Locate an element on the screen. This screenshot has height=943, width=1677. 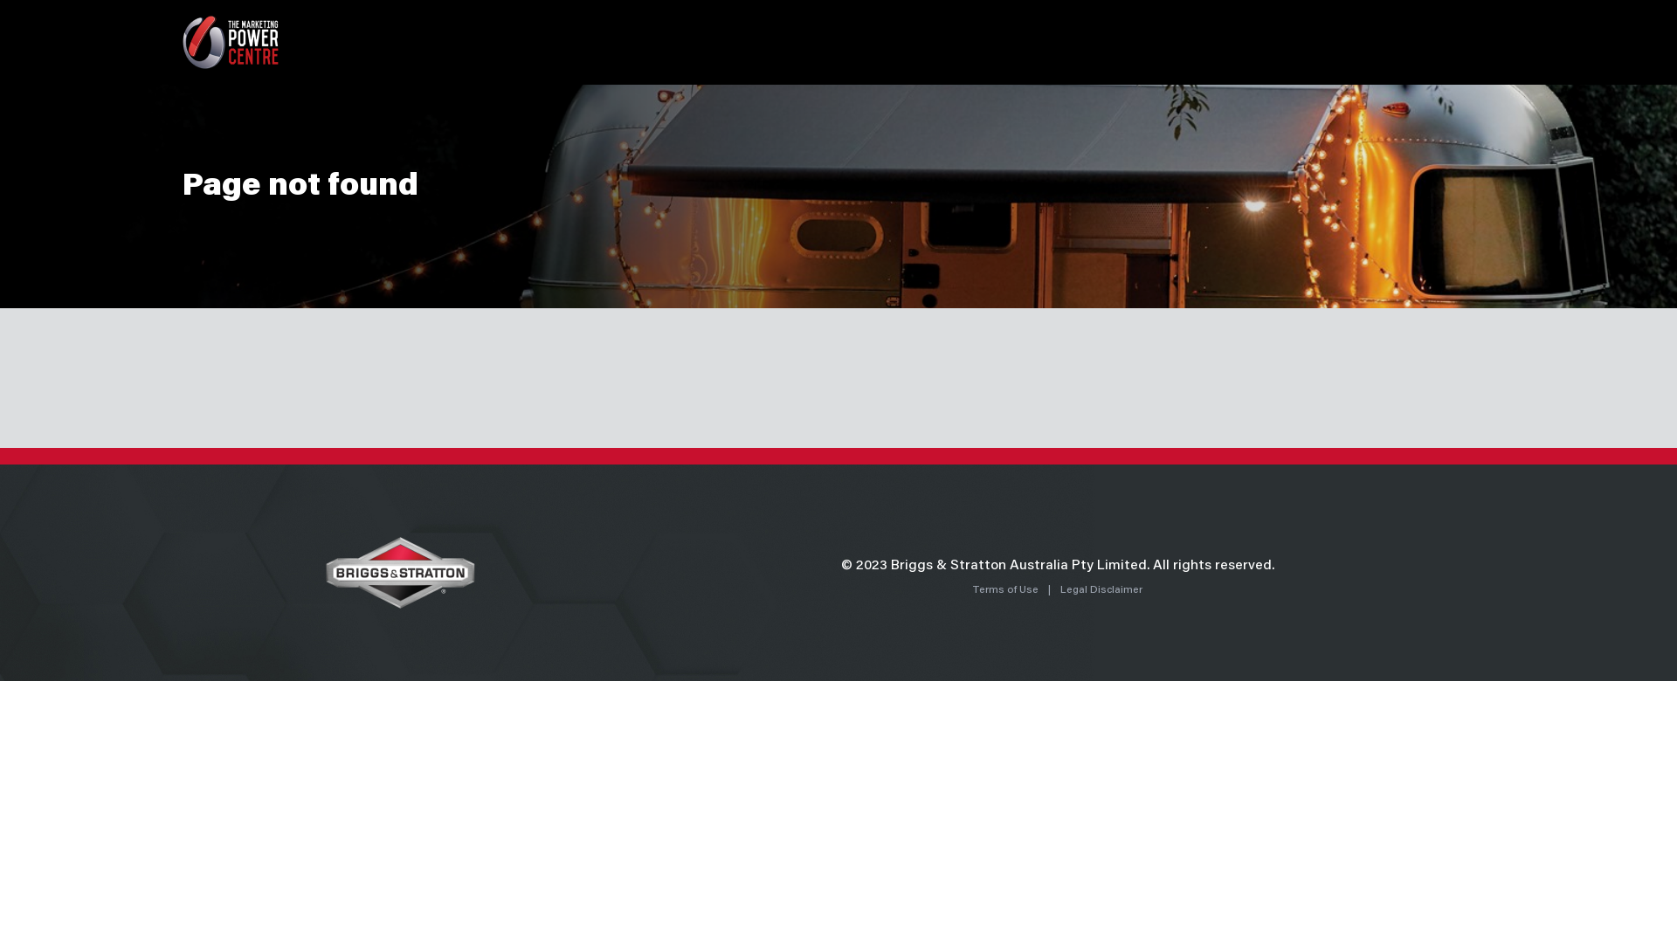
'Terms of Use' is located at coordinates (1006, 589).